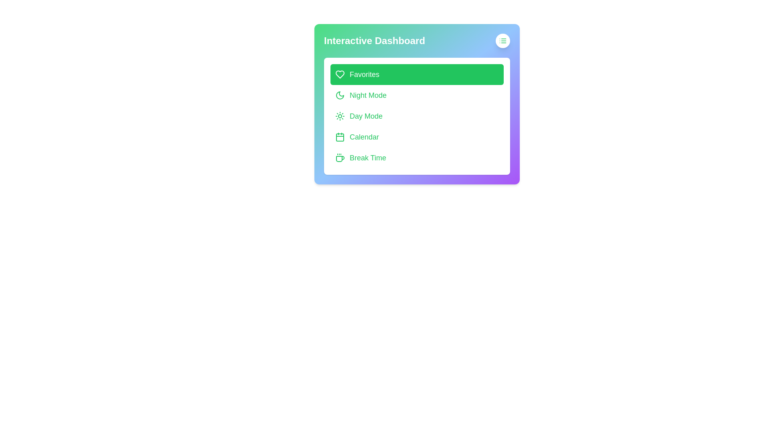  I want to click on the menu item Calendar to observe its hover effect, so click(417, 137).